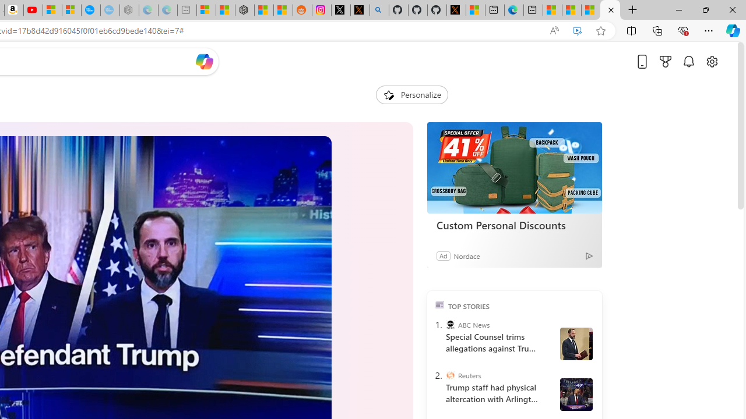  I want to click on 'Reuters', so click(450, 375).